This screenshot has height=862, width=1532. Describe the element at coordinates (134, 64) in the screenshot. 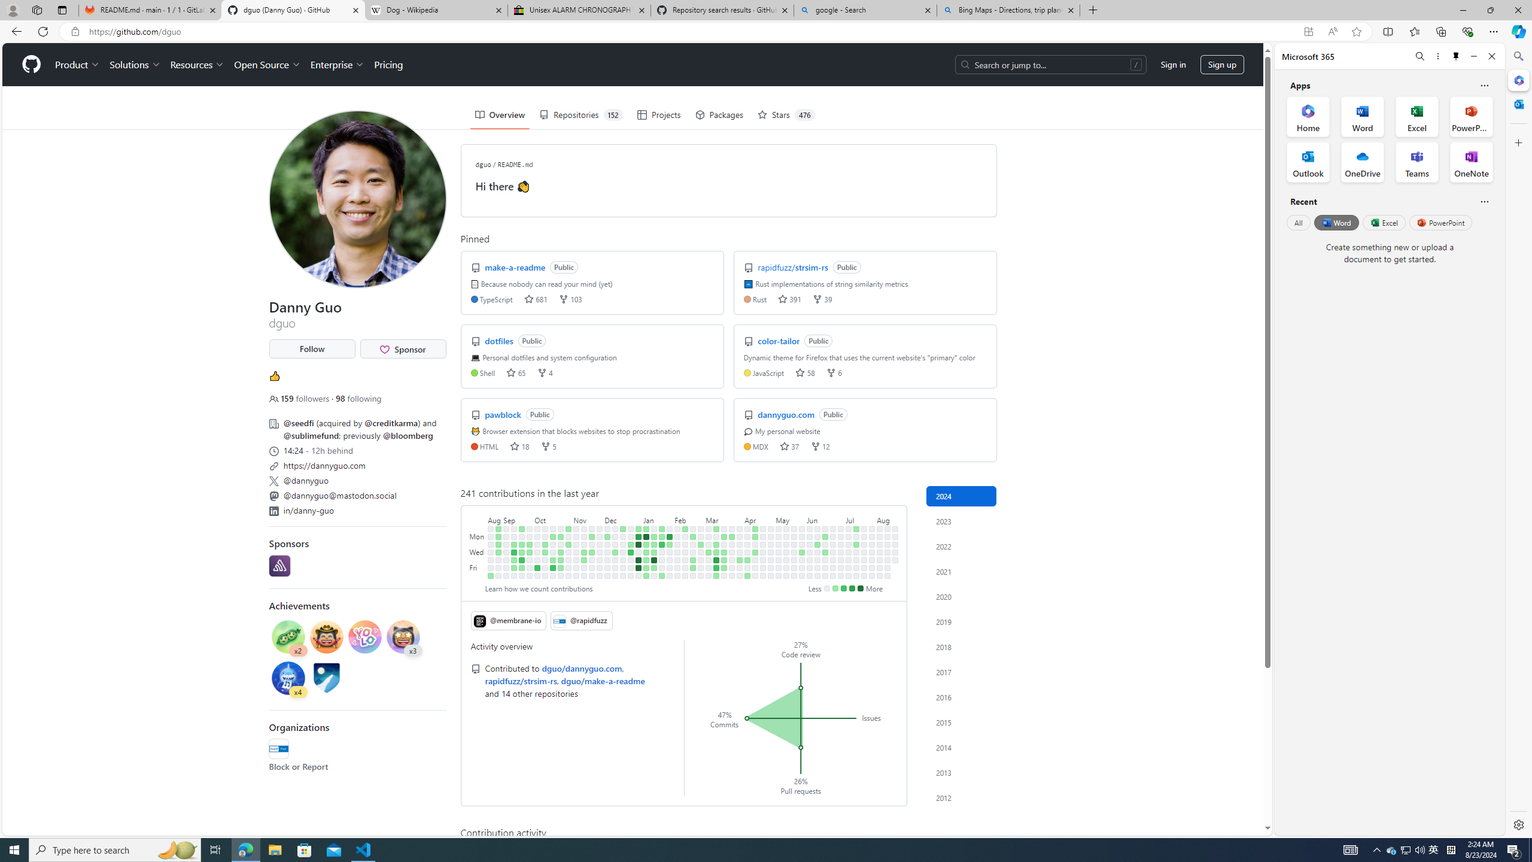

I see `'Solutions'` at that location.